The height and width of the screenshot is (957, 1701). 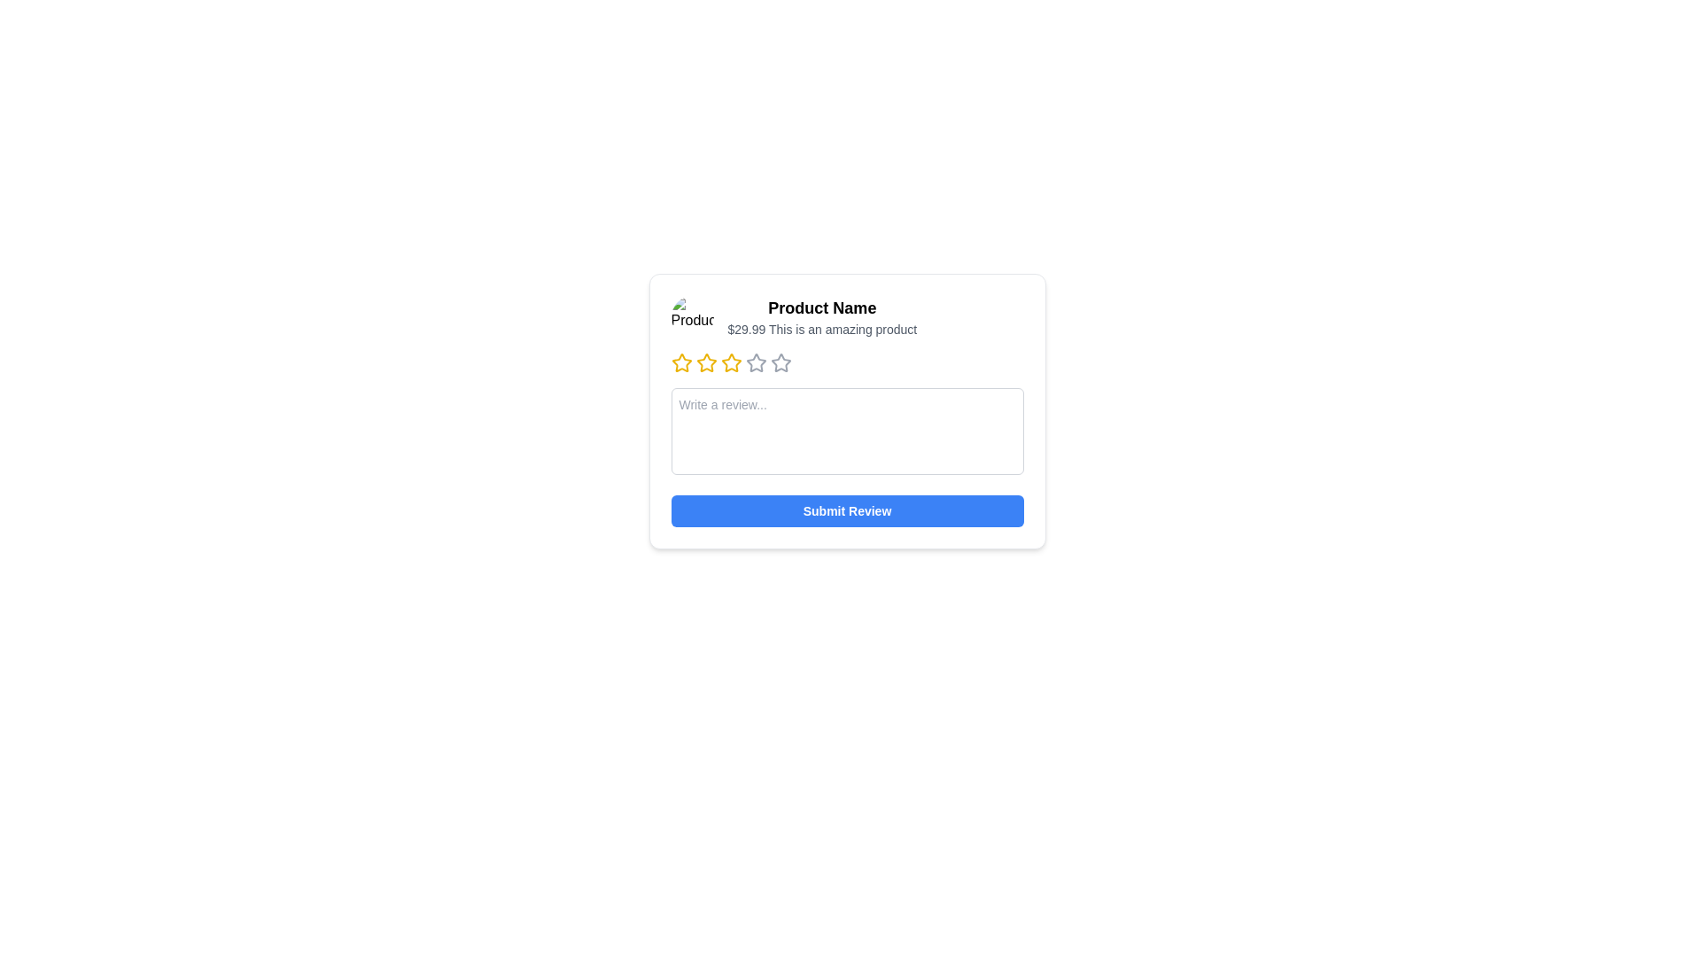 I want to click on the Text content block displaying 'Product Name' and its description '$29.99 This is an amazing product', which is centrally located in the interface within a card layout, so click(x=821, y=316).